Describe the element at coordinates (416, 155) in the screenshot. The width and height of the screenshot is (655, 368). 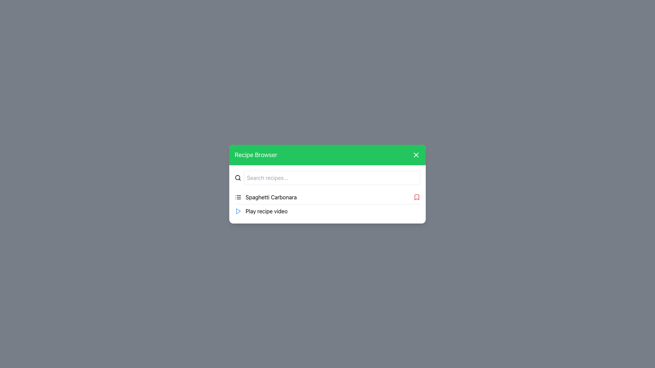
I see `the 'X' icon located in the top-right corner of the 'Recipe Browser' green header bar` at that location.